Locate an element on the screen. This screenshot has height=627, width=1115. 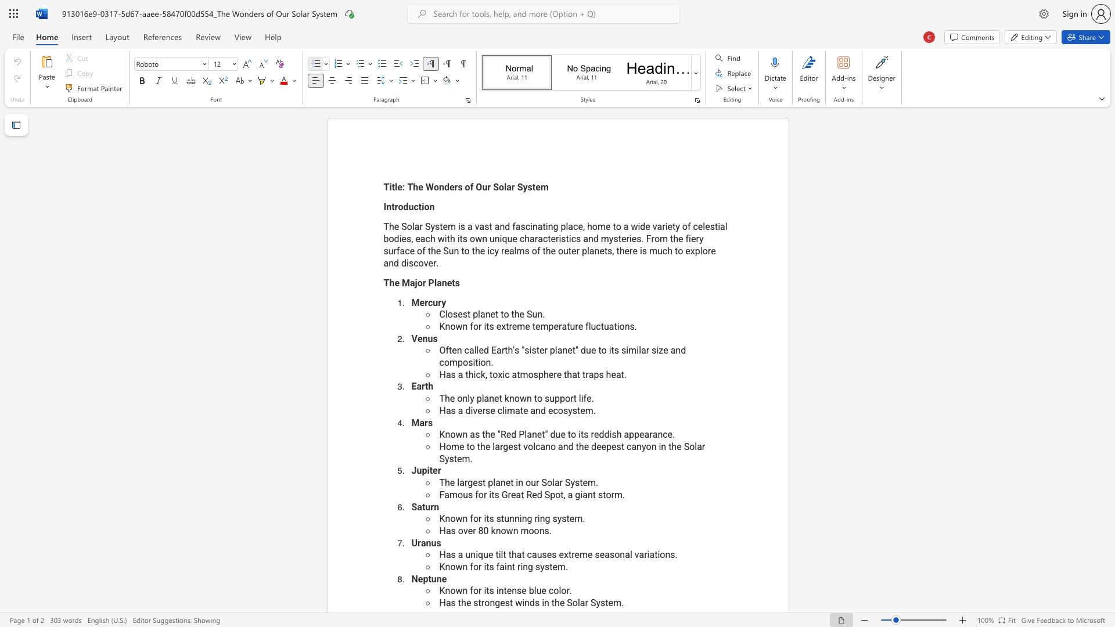
the 1th character "o" in the text is located at coordinates (448, 446).